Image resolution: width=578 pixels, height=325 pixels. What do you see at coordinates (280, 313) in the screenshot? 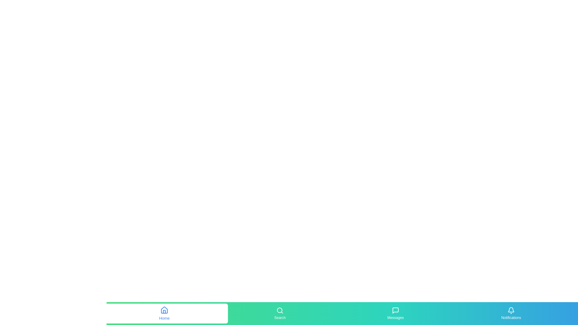
I see `the Search tab by clicking the corresponding button` at bounding box center [280, 313].